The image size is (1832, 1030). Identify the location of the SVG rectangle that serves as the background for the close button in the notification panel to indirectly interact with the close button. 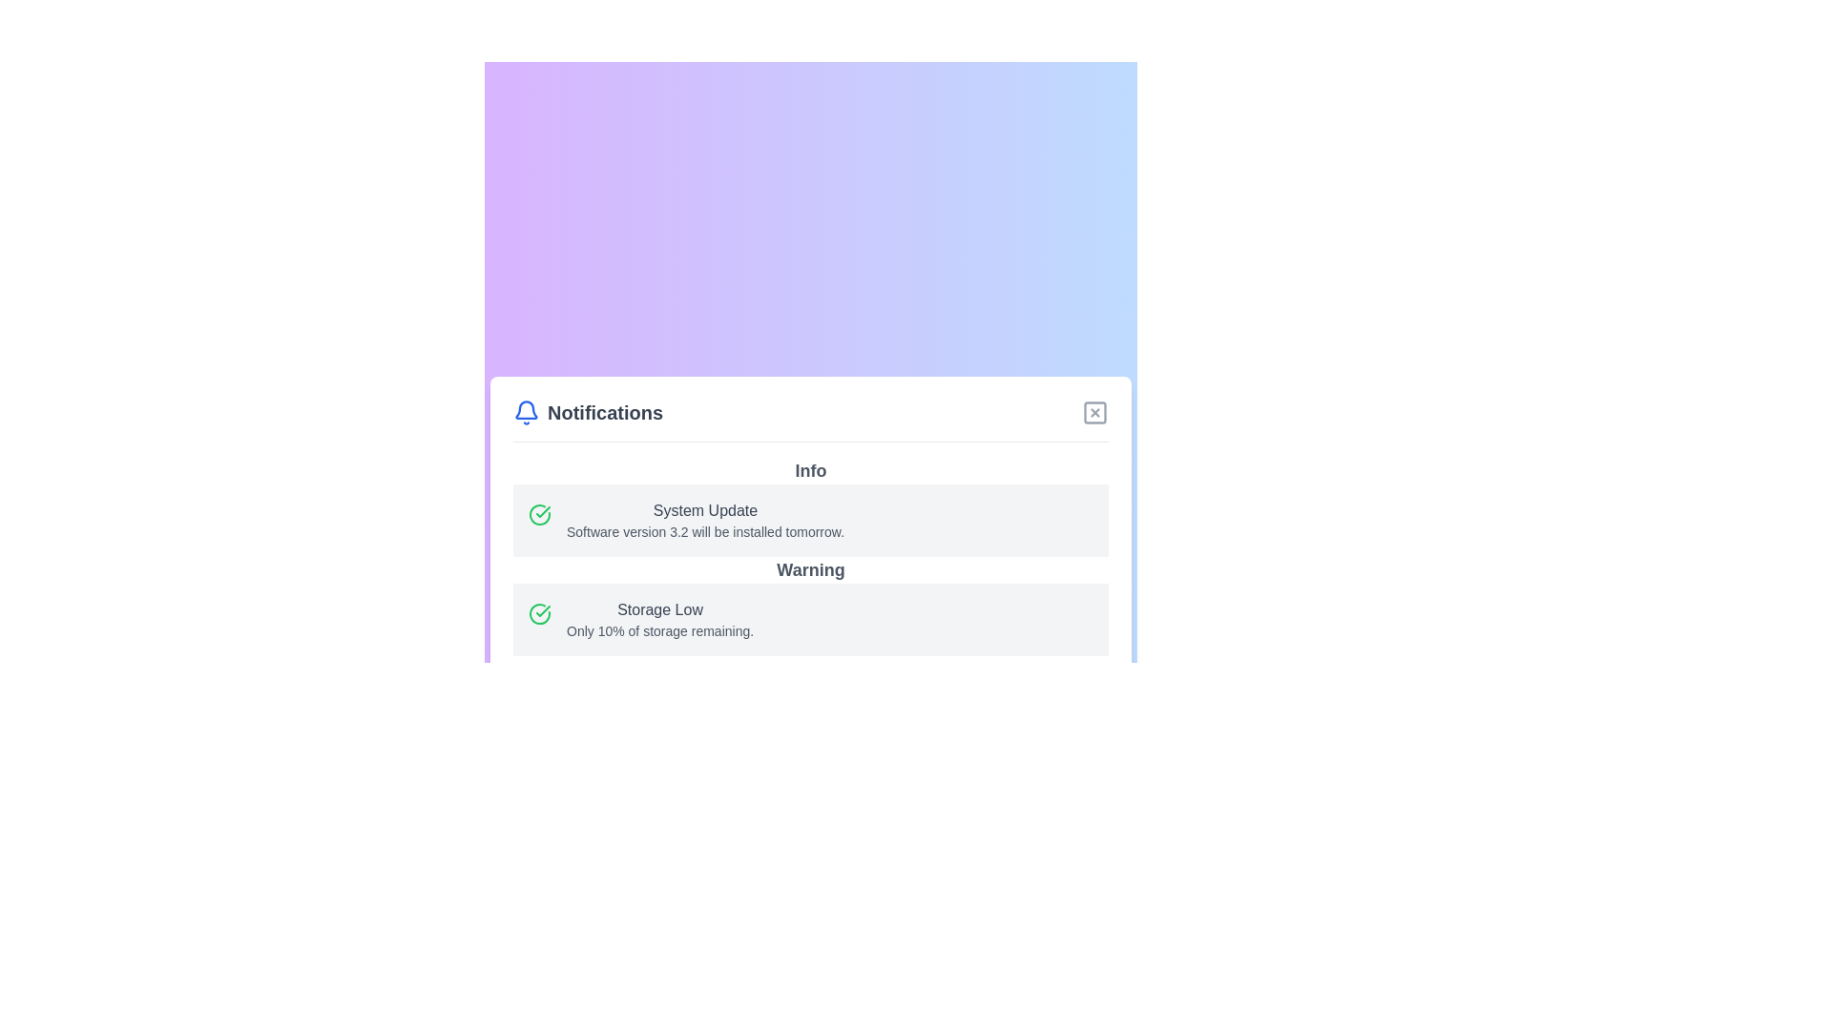
(1094, 411).